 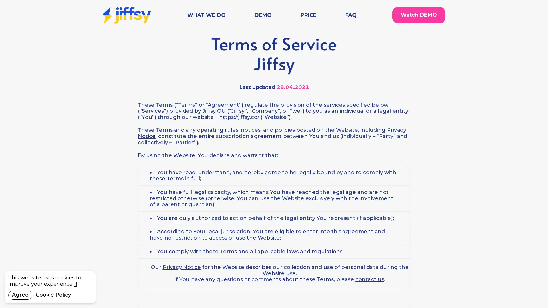 I want to click on Agree, so click(x=20, y=295).